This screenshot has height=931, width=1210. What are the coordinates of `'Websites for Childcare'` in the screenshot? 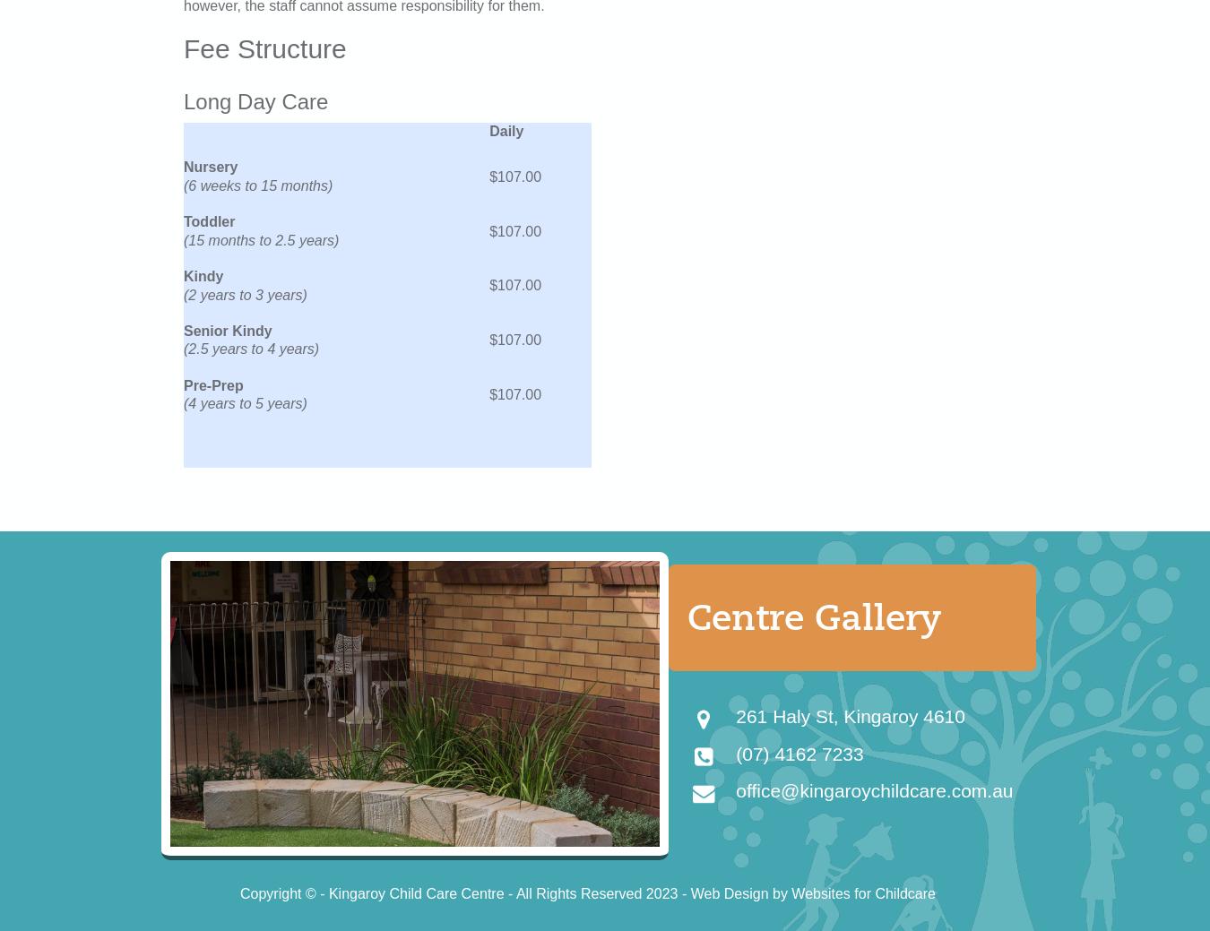 It's located at (861, 892).